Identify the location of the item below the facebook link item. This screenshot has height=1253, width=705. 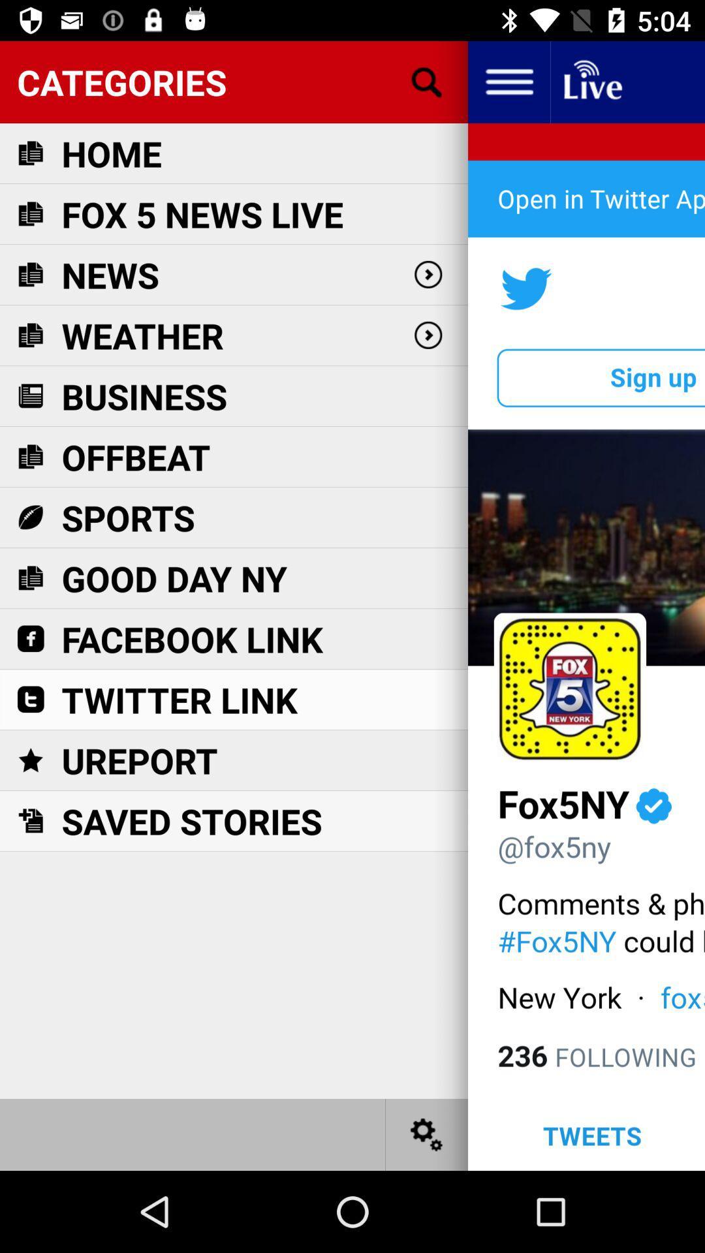
(180, 699).